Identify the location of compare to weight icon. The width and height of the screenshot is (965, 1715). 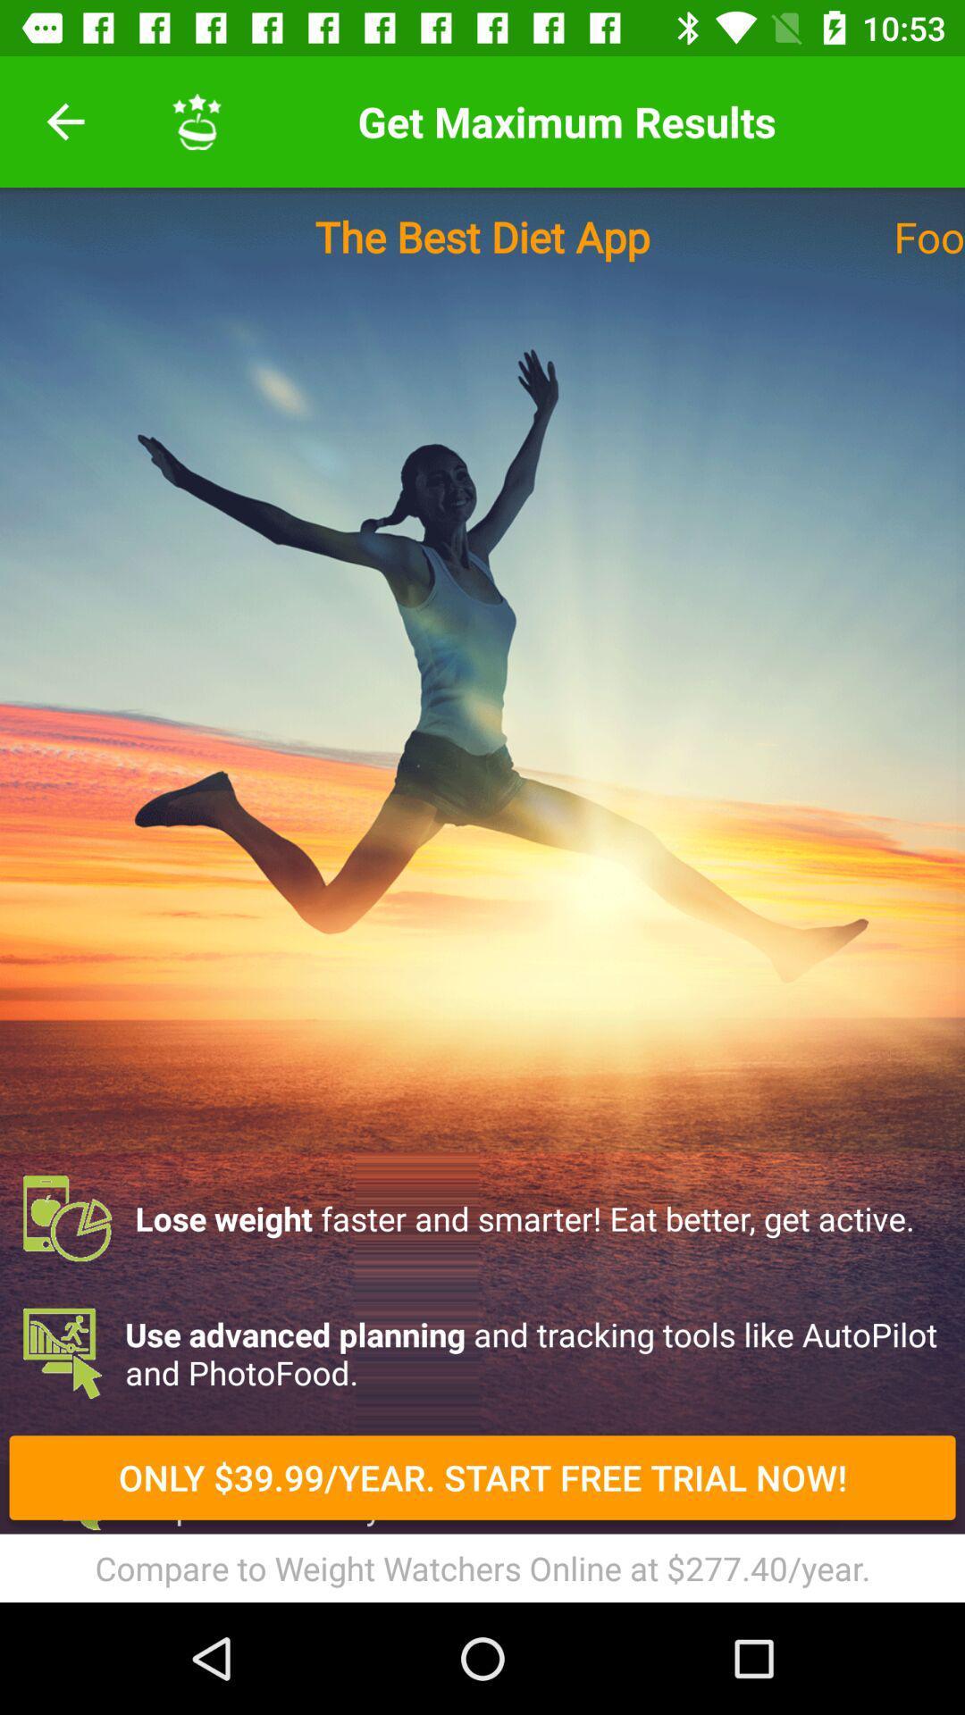
(482, 1567).